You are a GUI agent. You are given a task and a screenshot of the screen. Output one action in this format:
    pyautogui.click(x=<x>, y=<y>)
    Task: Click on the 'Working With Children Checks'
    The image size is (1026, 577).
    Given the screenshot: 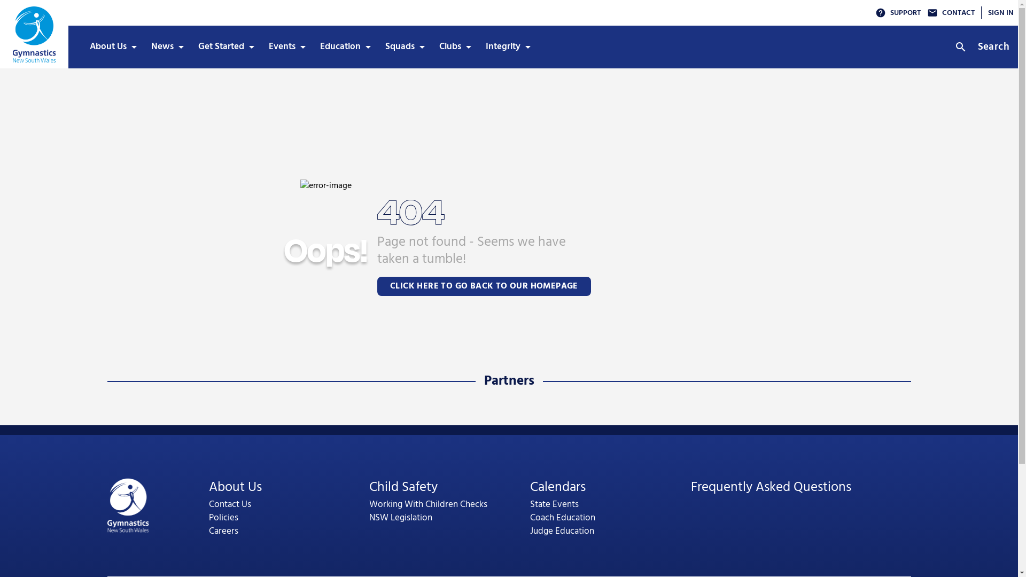 What is the action you would take?
    pyautogui.click(x=428, y=504)
    